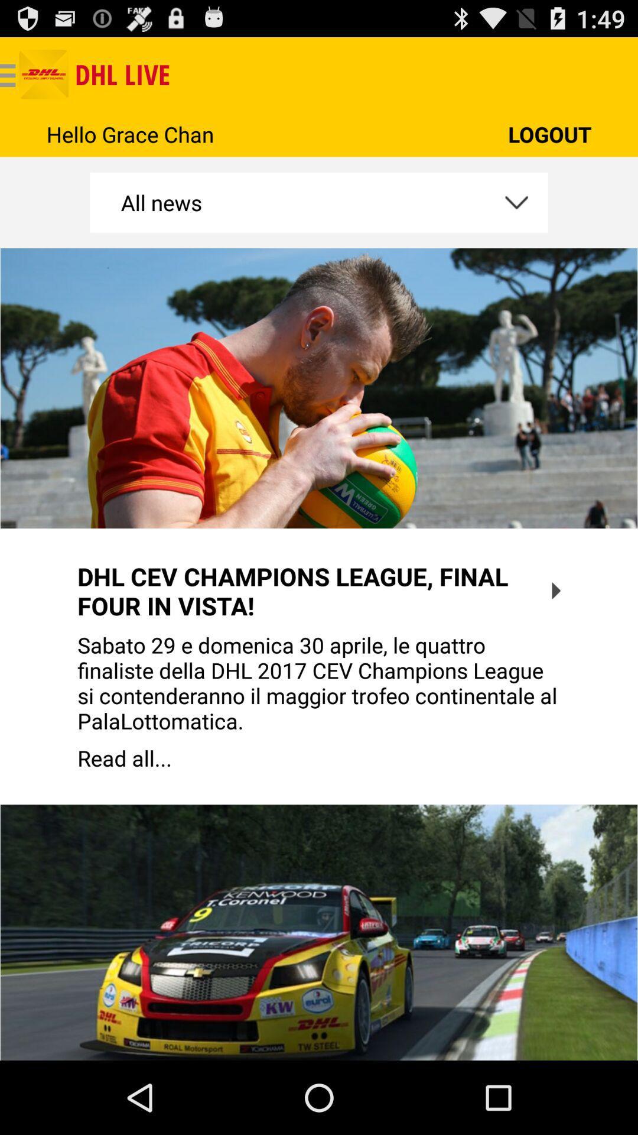 Image resolution: width=638 pixels, height=1135 pixels. I want to click on the logout item, so click(549, 134).